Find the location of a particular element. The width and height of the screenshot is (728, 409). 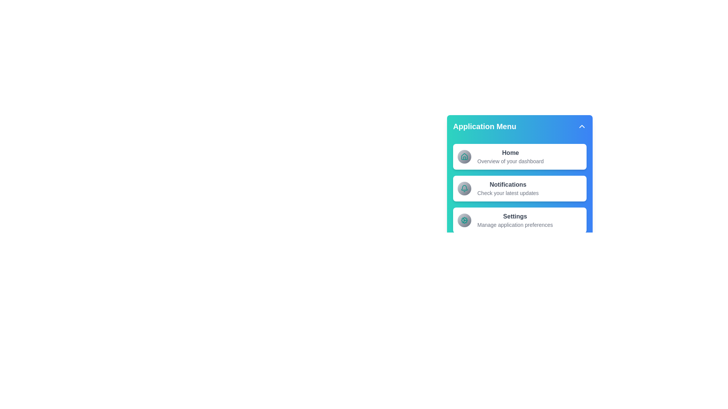

the menu item Notifications to navigate to its respective section is located at coordinates (519, 188).